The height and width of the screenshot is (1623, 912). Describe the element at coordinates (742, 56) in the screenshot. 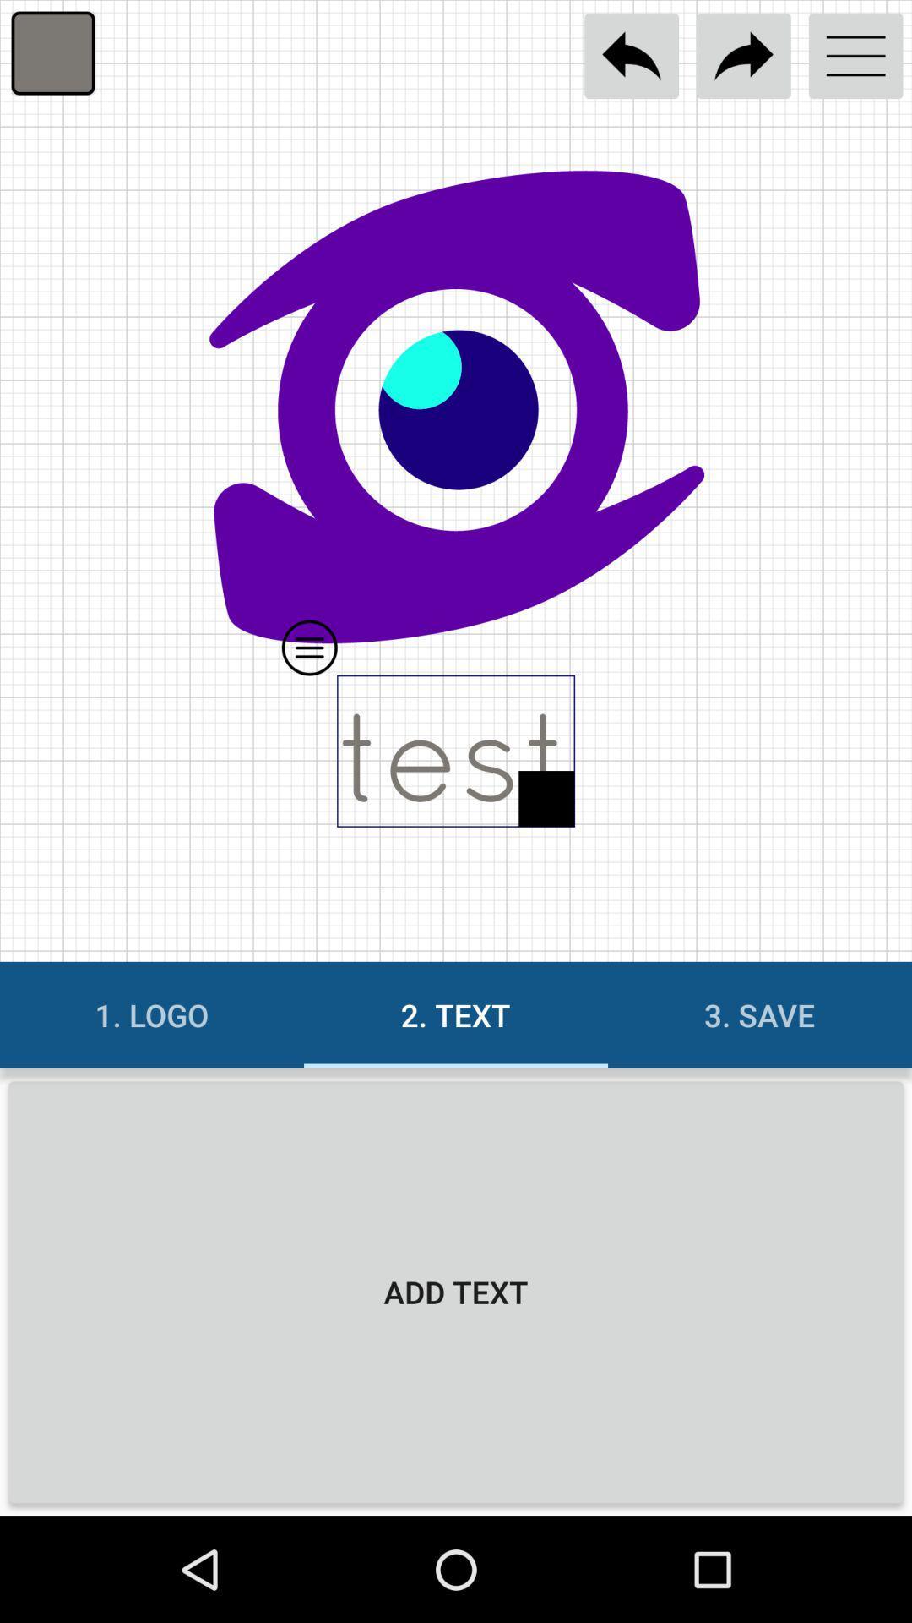

I see `go forward to next page` at that location.